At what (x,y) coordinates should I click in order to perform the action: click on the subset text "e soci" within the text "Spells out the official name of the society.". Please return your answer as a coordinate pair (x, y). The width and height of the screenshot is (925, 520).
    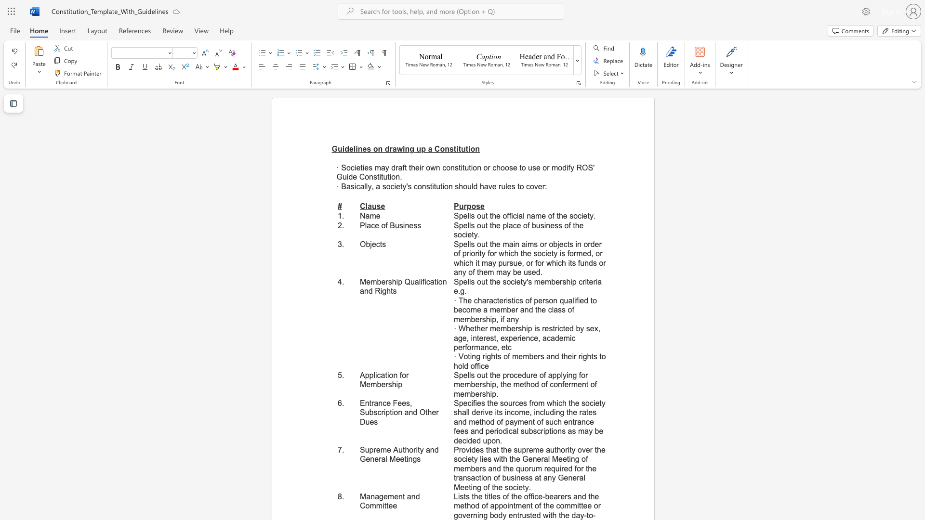
    Looking at the image, I should click on (563, 215).